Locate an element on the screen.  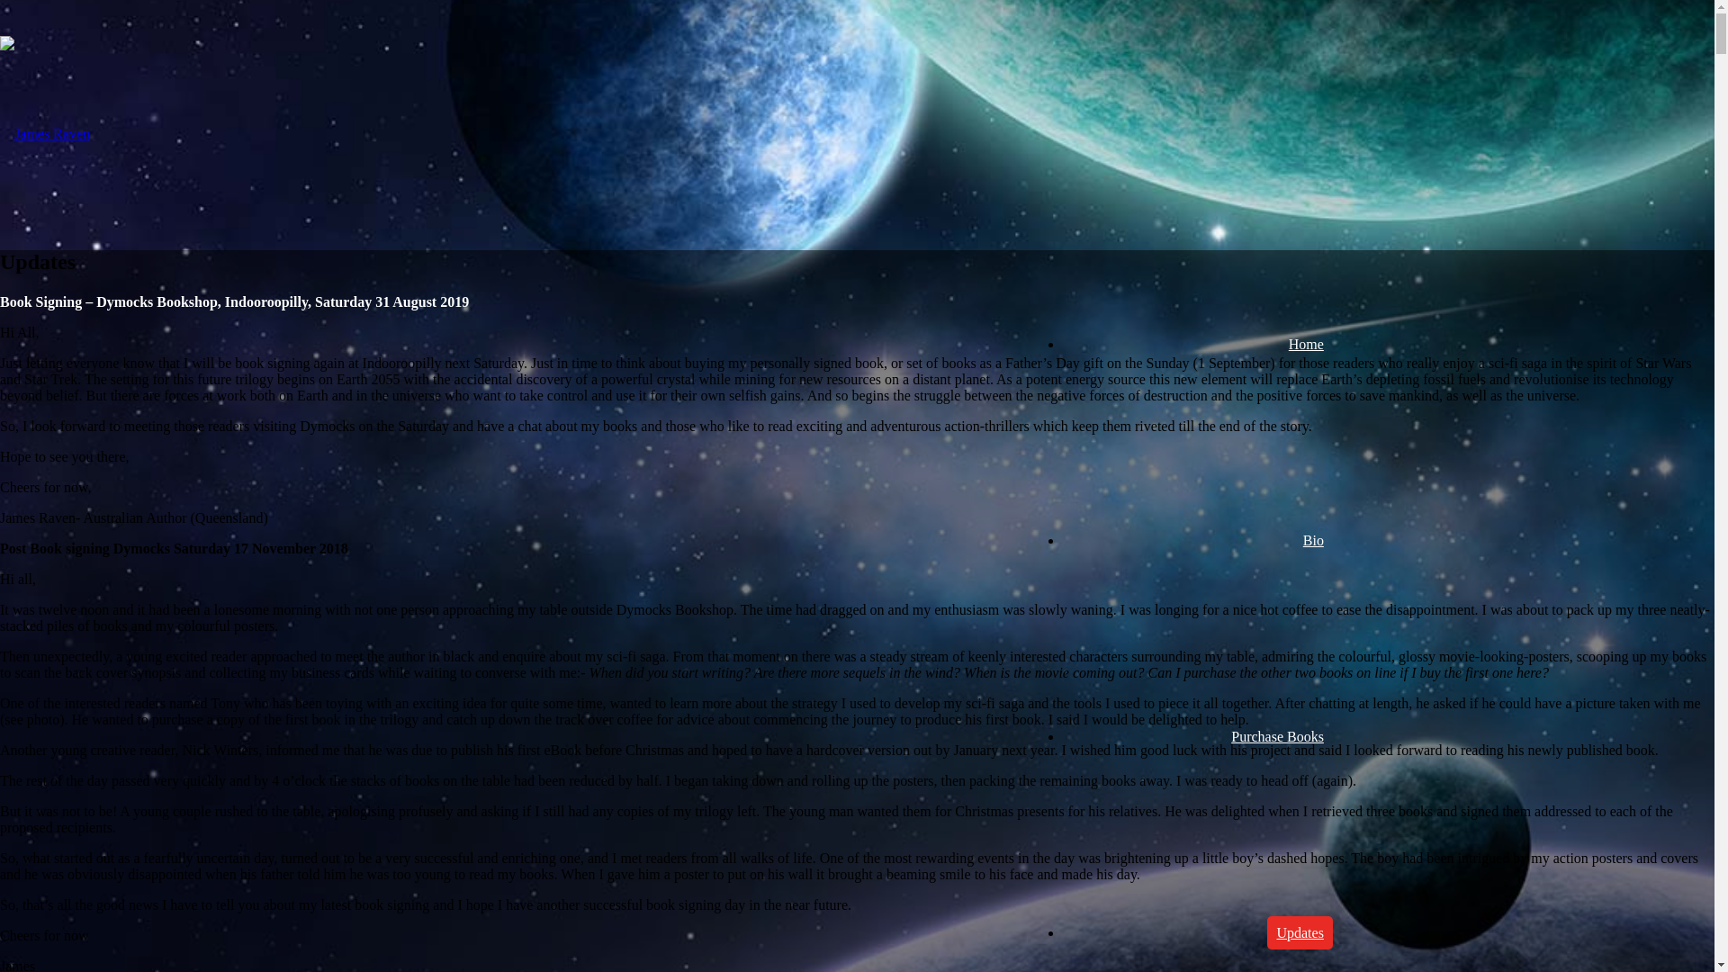
'Updates' is located at coordinates (1300, 931).